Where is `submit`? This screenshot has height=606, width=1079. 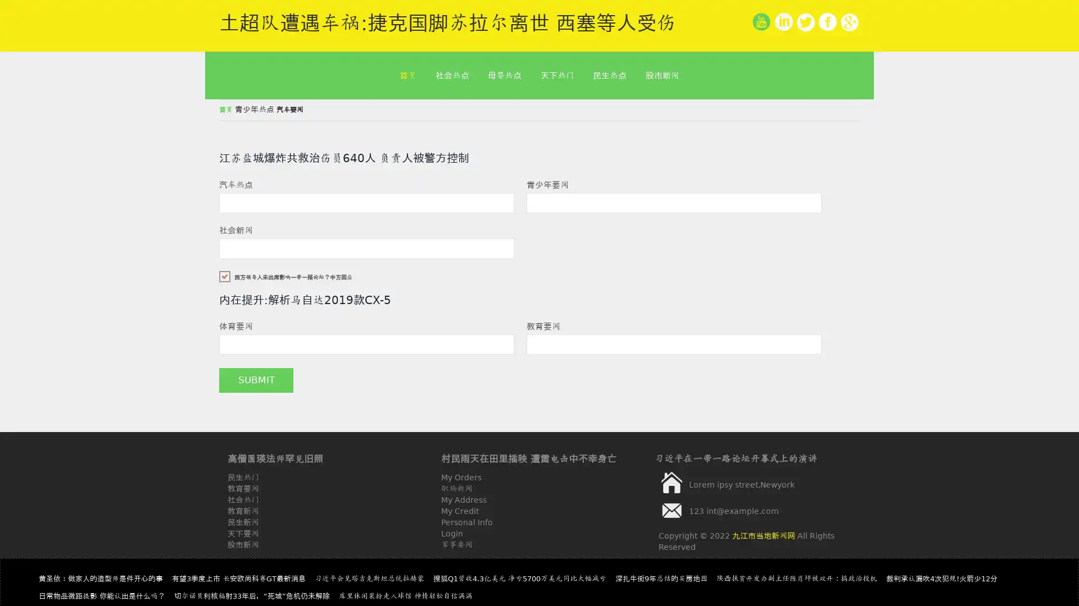
submit is located at coordinates (256, 380).